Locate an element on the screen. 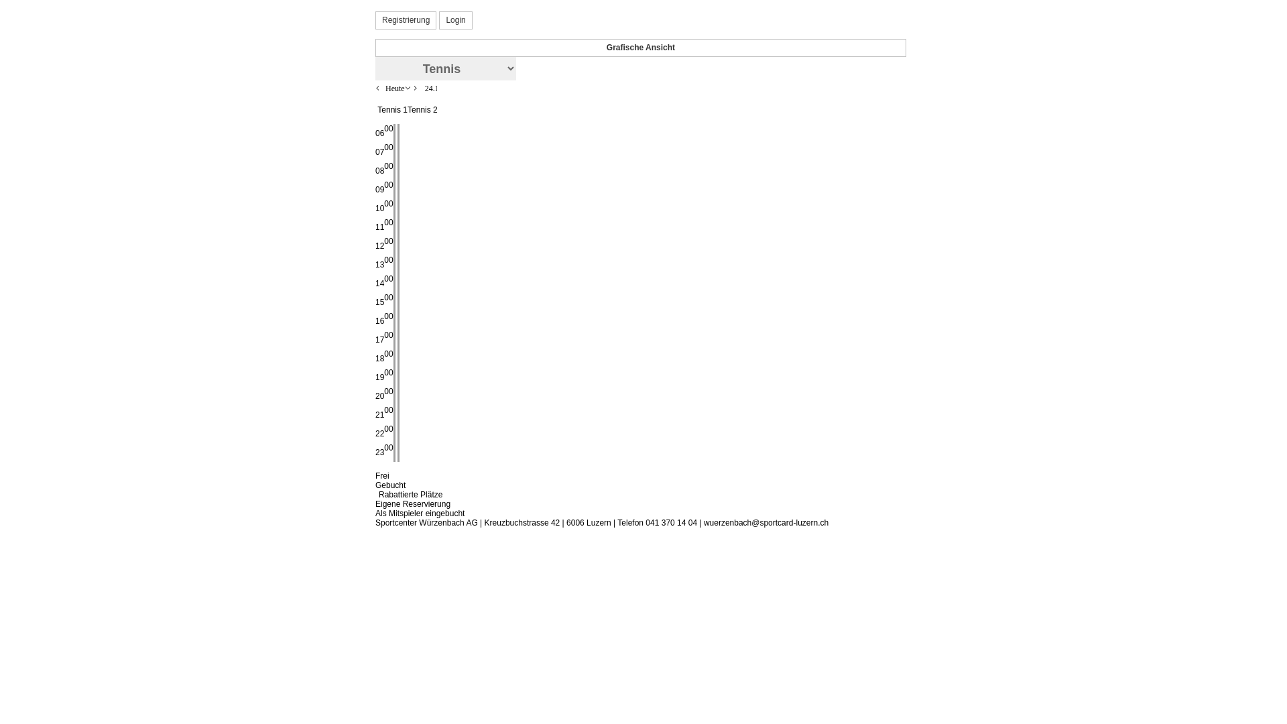 The height and width of the screenshot is (724, 1287). 'Heute' is located at coordinates (394, 88).